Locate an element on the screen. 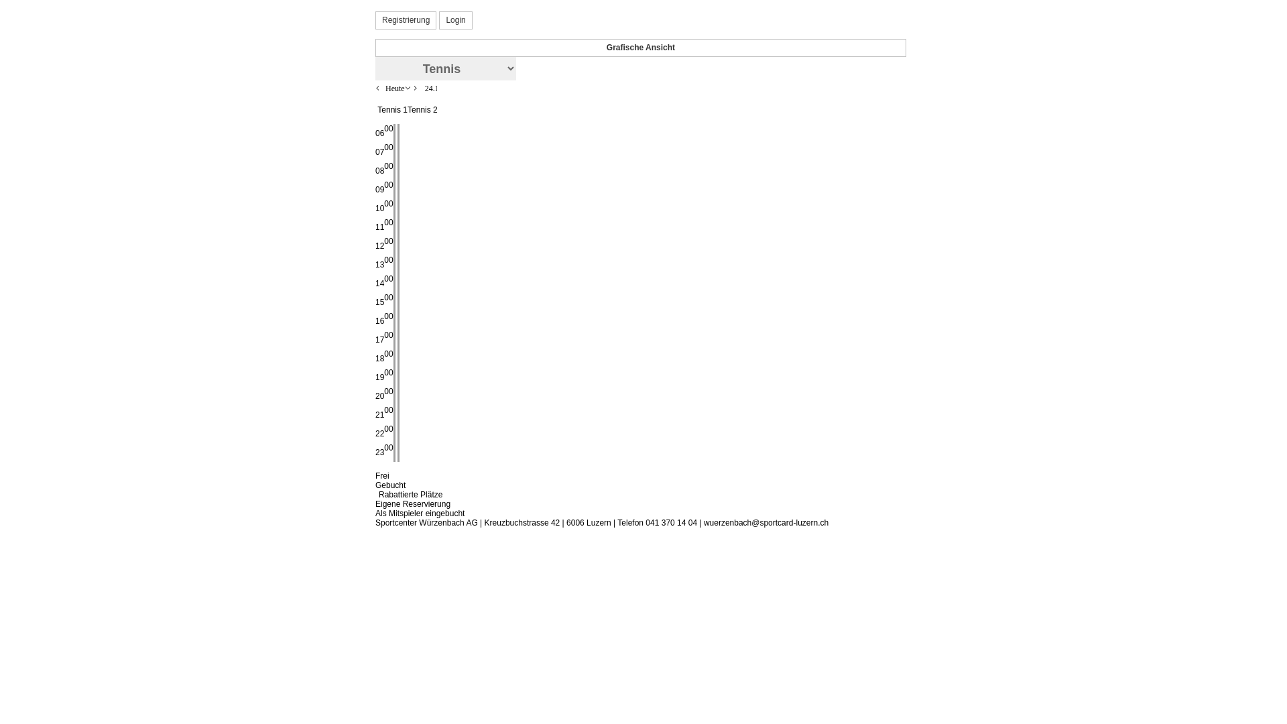 The height and width of the screenshot is (724, 1287). 'Heute' is located at coordinates (394, 88).